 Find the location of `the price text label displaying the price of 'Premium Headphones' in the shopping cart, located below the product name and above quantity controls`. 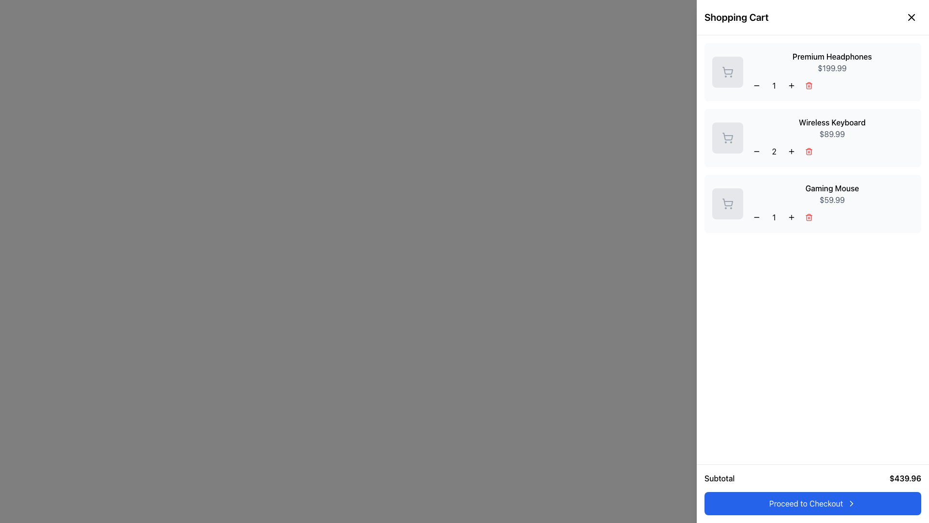

the price text label displaying the price of 'Premium Headphones' in the shopping cart, located below the product name and above quantity controls is located at coordinates (831, 68).